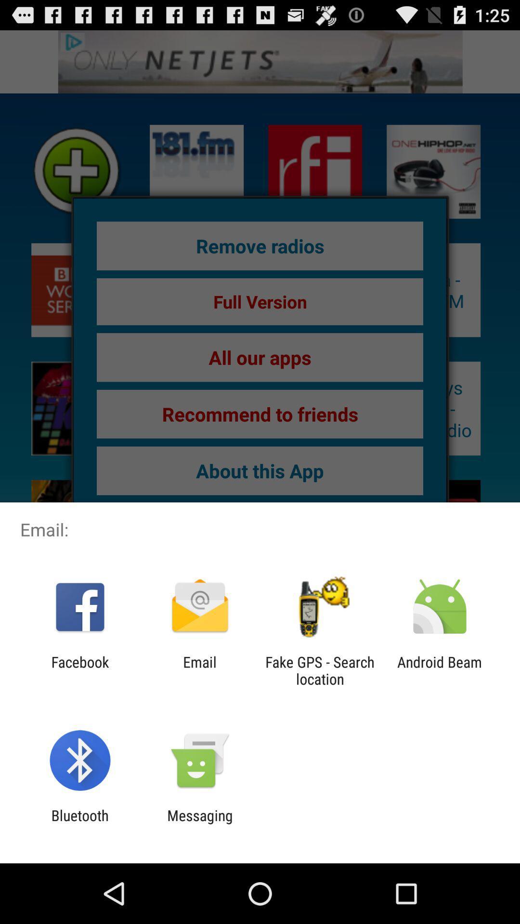 The width and height of the screenshot is (520, 924). Describe the element at coordinates (79, 670) in the screenshot. I see `the facebook item` at that location.